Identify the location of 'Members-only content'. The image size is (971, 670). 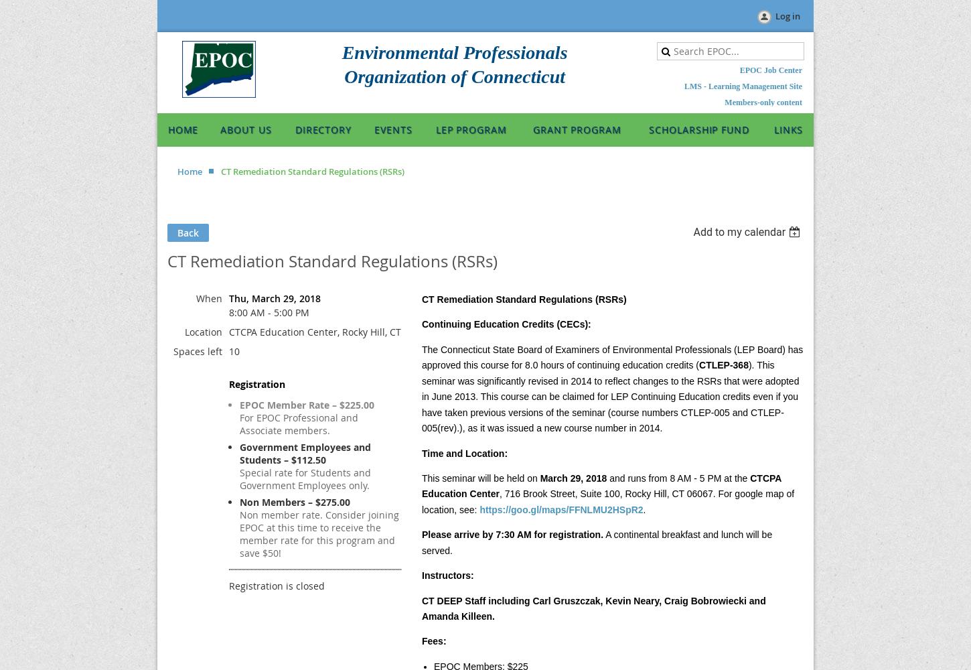
(762, 103).